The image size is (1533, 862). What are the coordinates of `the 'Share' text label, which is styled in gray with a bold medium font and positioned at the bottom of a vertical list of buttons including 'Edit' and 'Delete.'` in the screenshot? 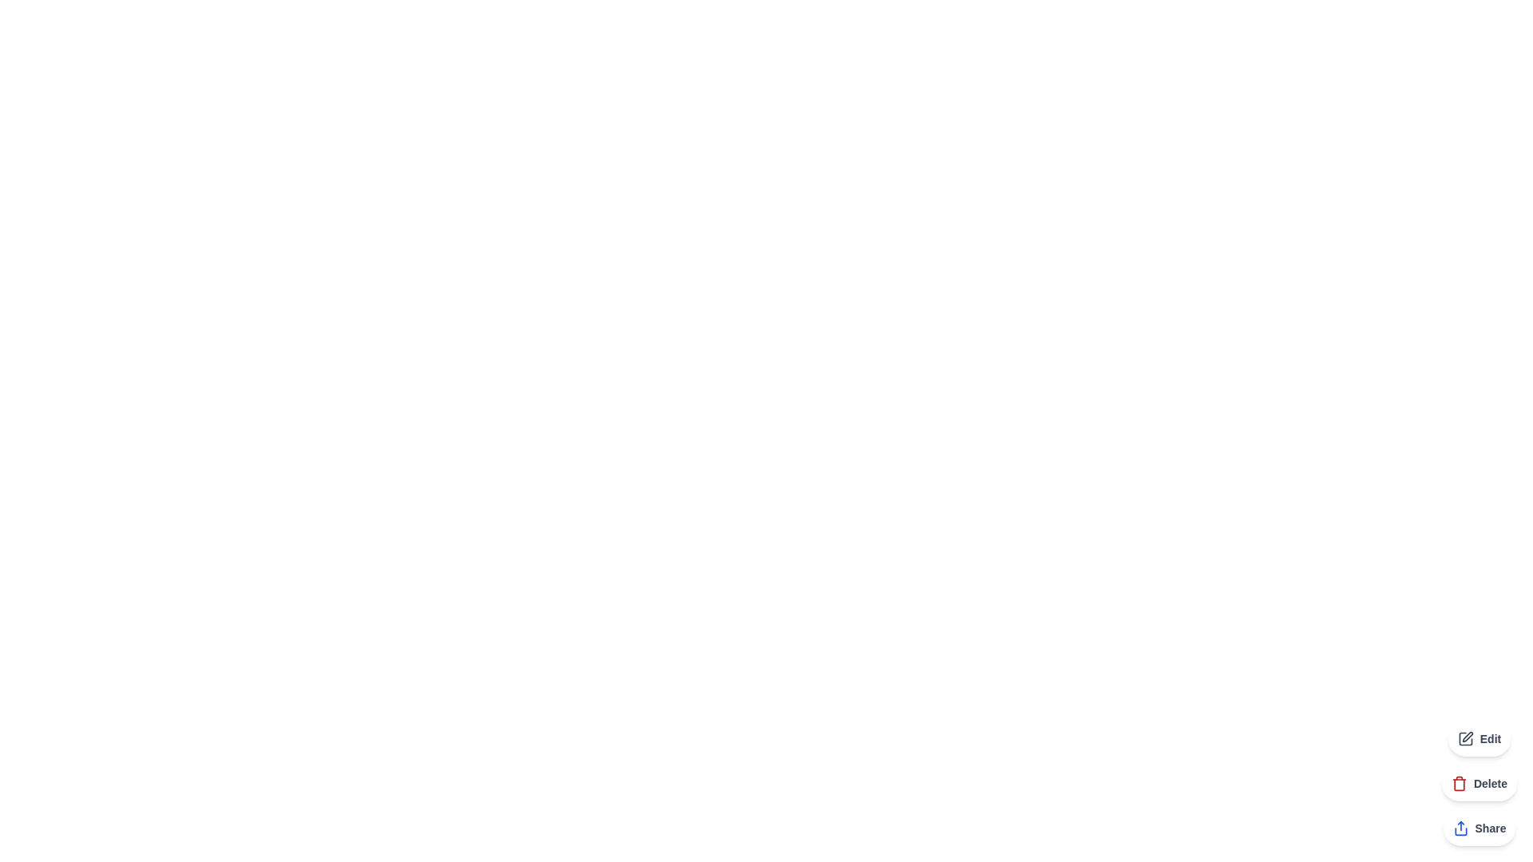 It's located at (1490, 827).